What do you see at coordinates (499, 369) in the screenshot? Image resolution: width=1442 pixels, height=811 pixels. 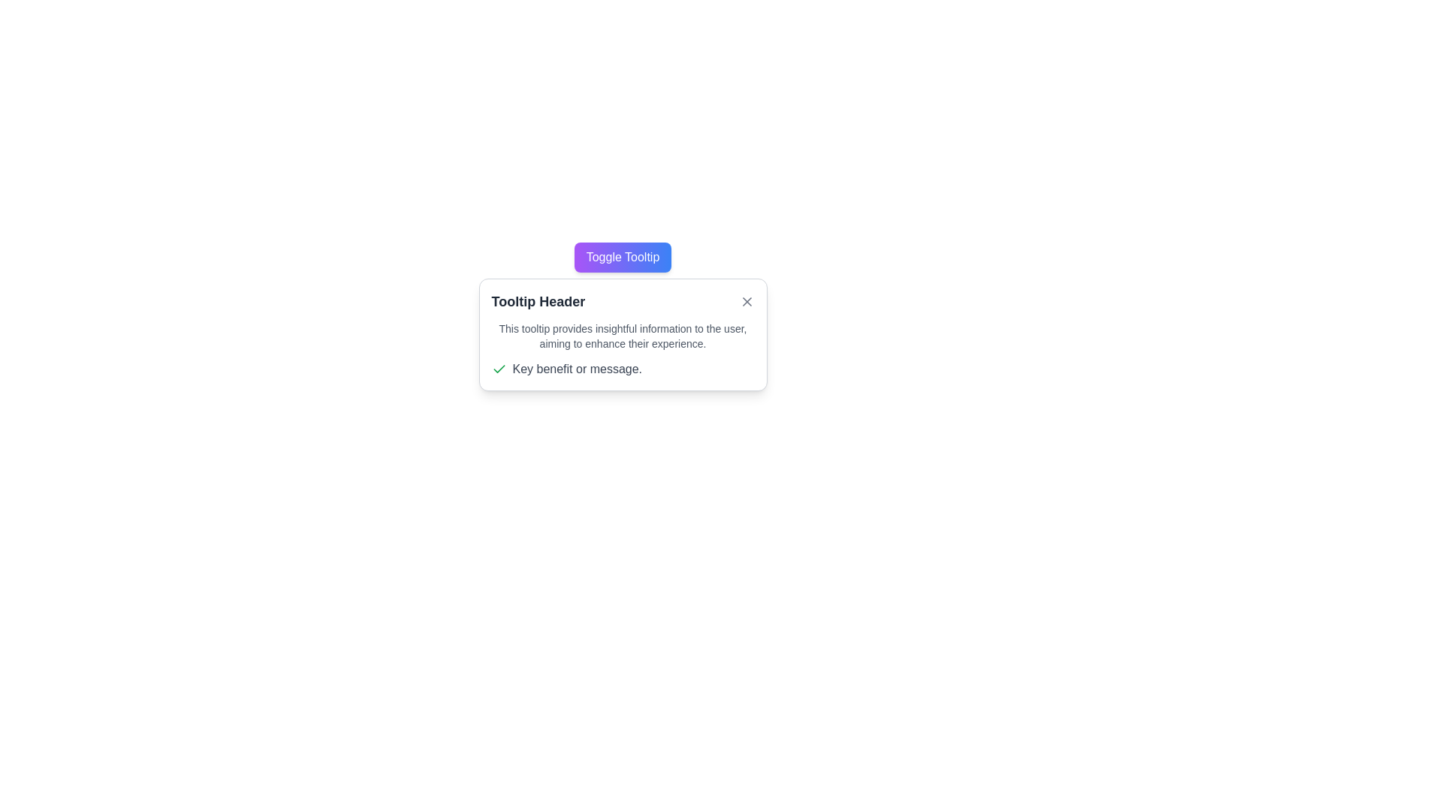 I see `the completion or approval icon located within the tooltip widget under the 'Key benefit or message' section, aligned to the left of the descriptive text` at bounding box center [499, 369].